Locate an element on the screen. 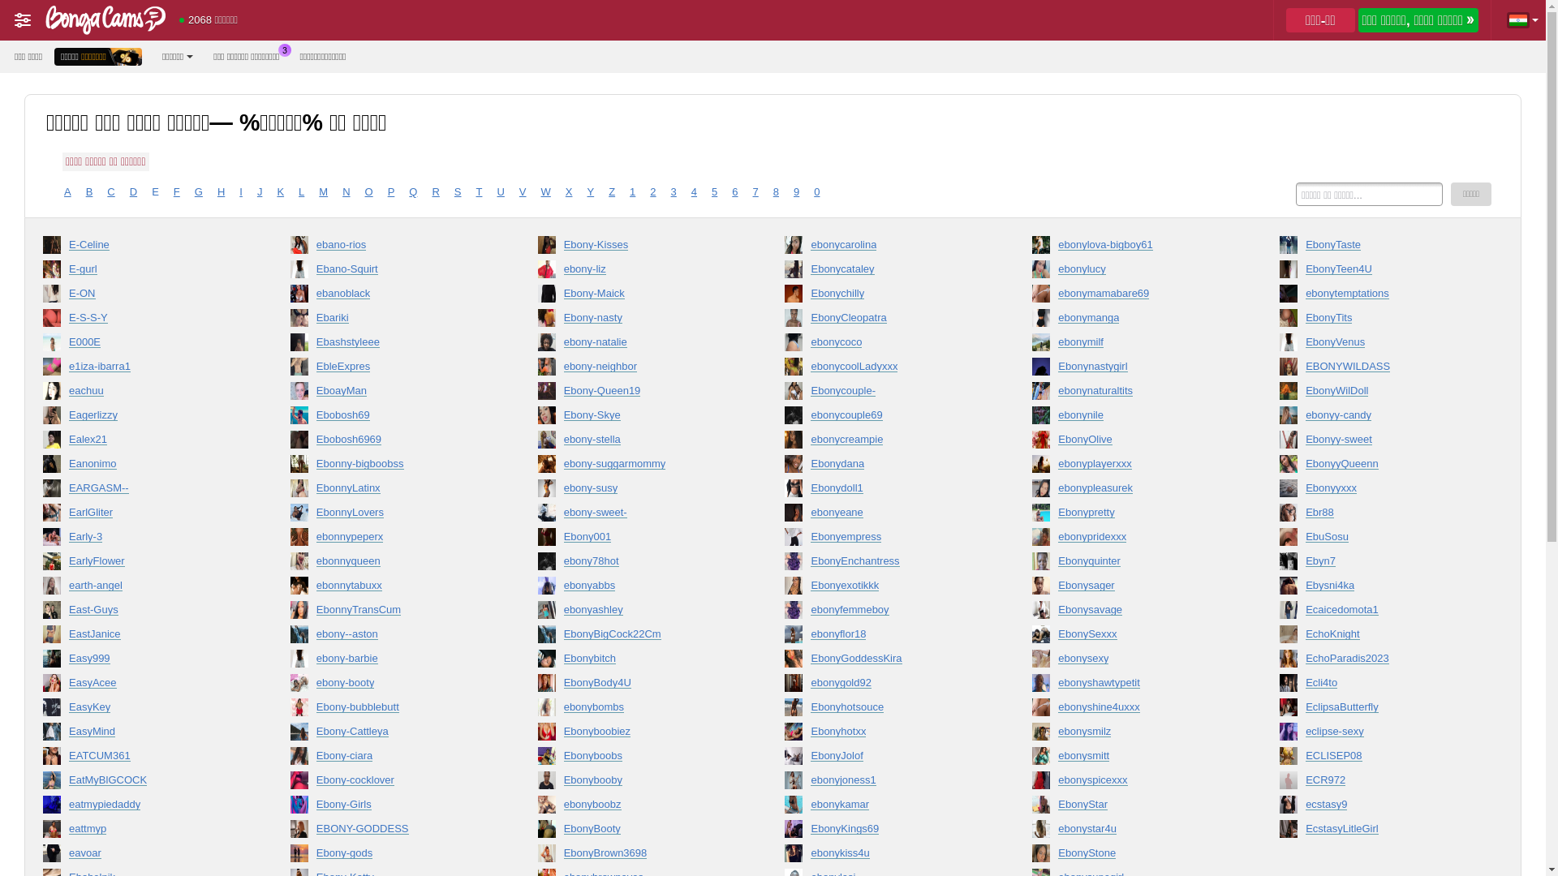 This screenshot has width=1558, height=876. 'ebonycoolLadyxxx' is located at coordinates (884, 369).